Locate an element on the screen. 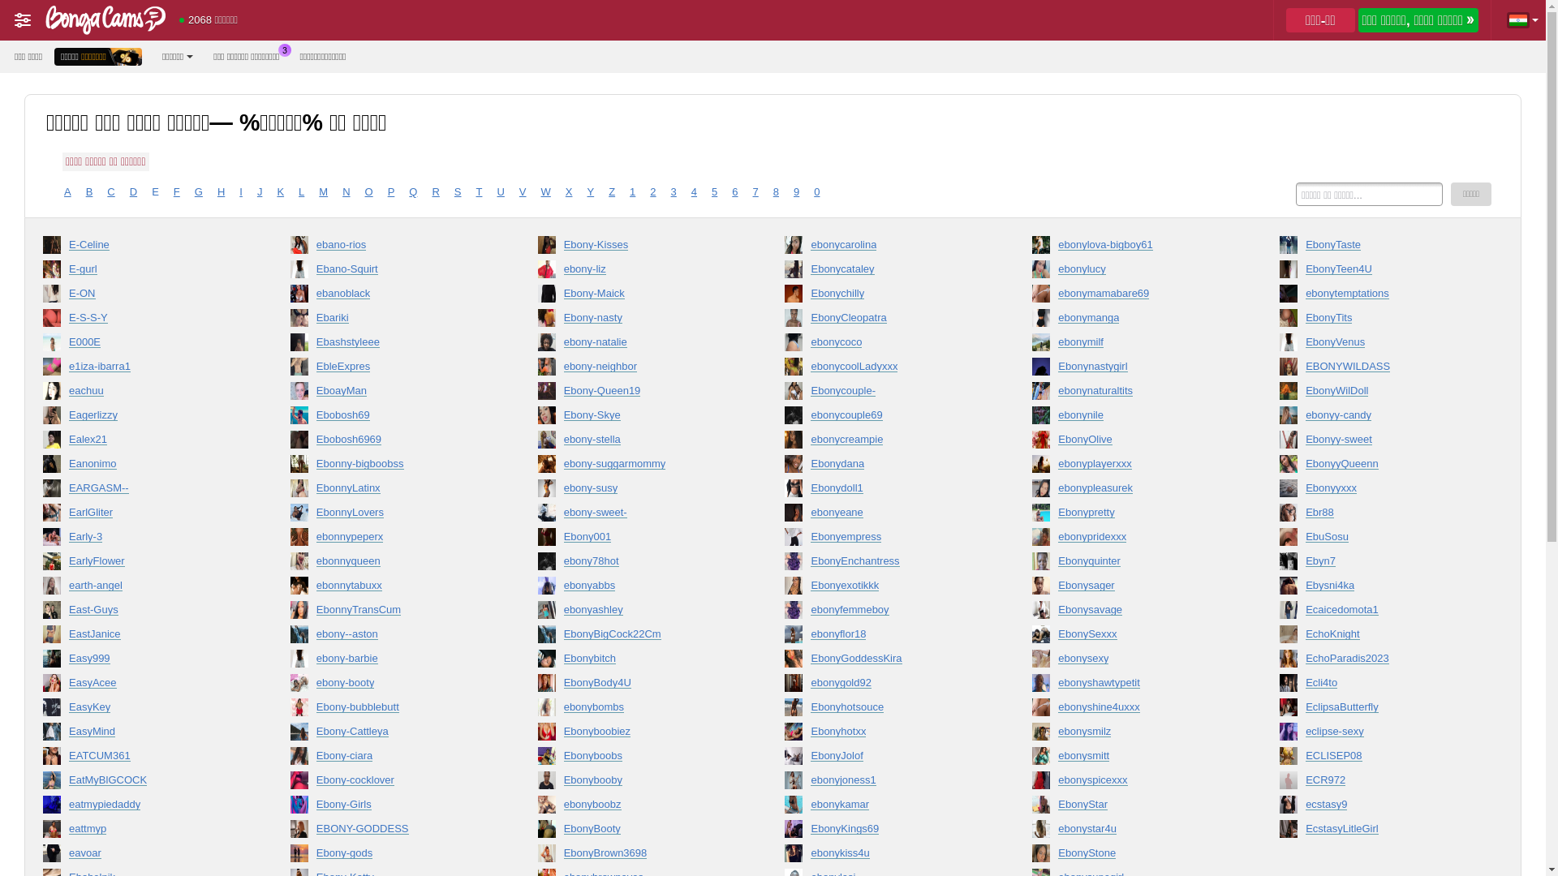 This screenshot has width=1558, height=876. 'ebonycoolLadyxxx' is located at coordinates (884, 369).